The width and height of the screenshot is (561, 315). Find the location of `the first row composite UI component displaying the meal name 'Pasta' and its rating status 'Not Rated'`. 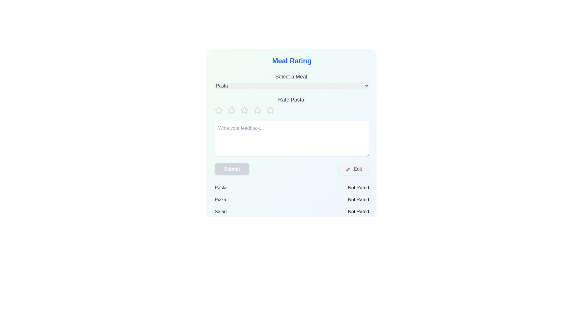

the first row composite UI component displaying the meal name 'Pasta' and its rating status 'Not Rated' is located at coordinates (292, 188).